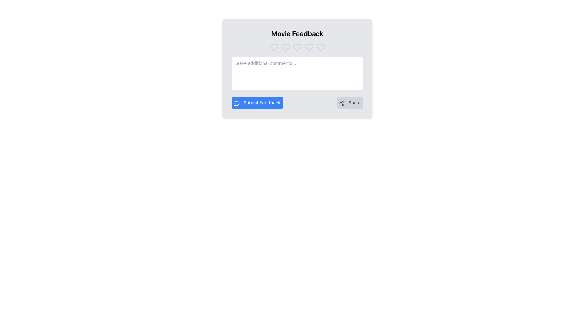 The width and height of the screenshot is (563, 317). Describe the element at coordinates (257, 102) in the screenshot. I see `the 'Submit Feedback' button using keyboard navigation` at that location.